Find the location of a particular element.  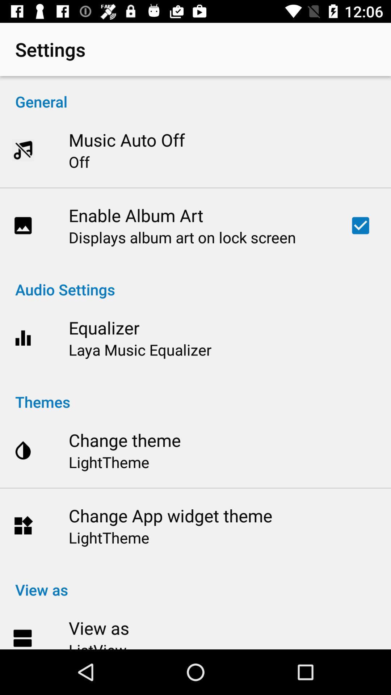

item above the music auto off item is located at coordinates (195, 93).